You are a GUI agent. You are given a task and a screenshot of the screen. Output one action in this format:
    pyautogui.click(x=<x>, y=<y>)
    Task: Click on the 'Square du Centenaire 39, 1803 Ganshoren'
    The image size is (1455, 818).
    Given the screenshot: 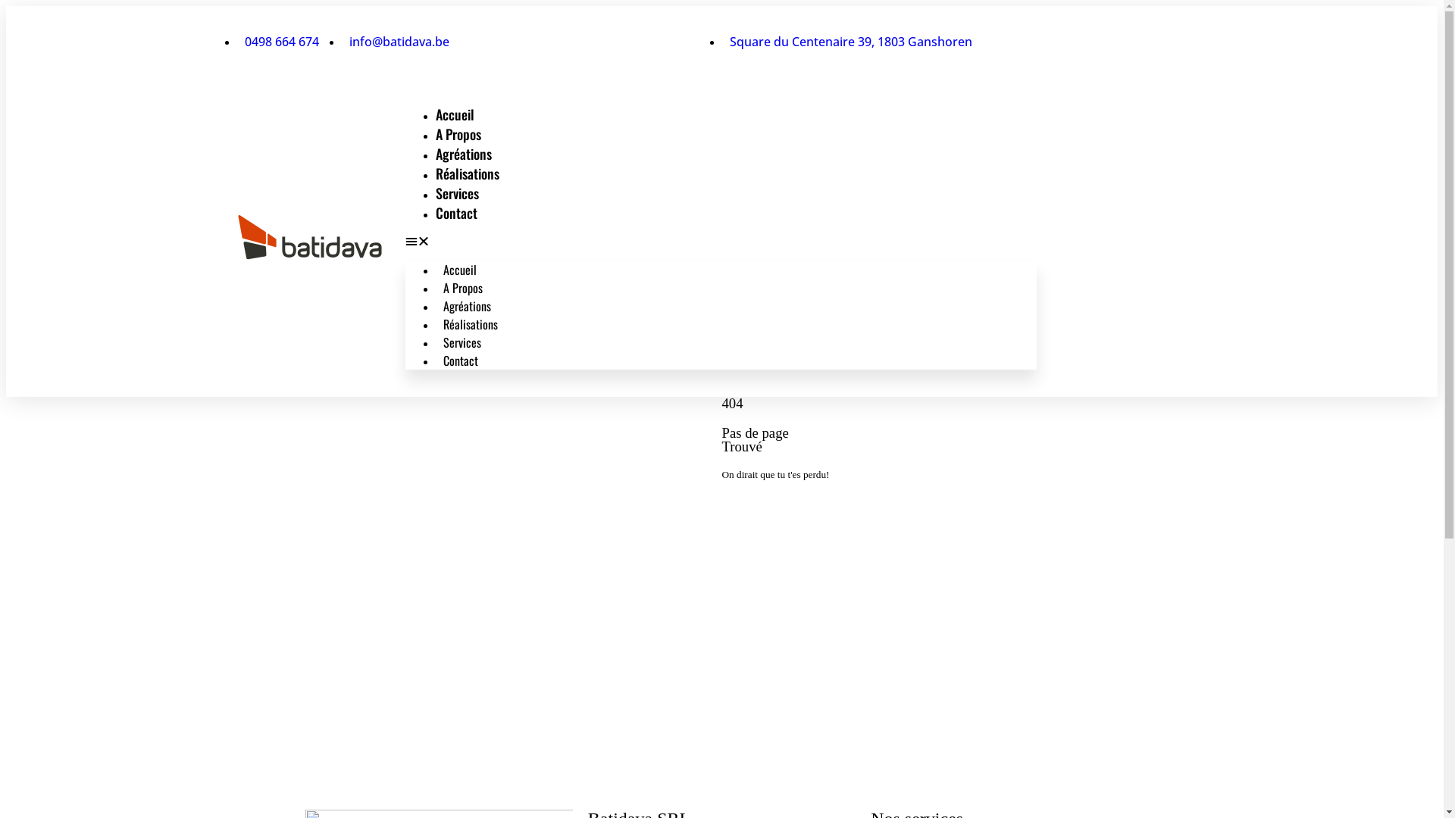 What is the action you would take?
    pyautogui.click(x=846, y=40)
    